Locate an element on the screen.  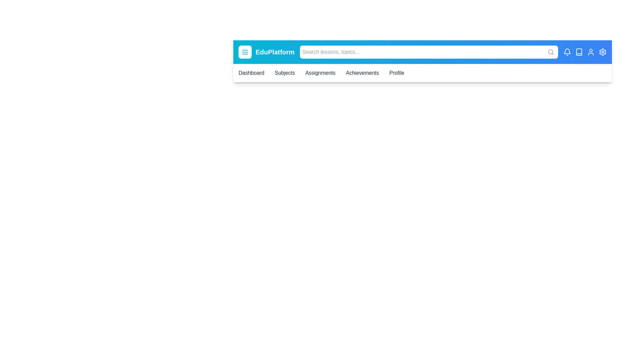
the notification icon to interact with it is located at coordinates (567, 51).